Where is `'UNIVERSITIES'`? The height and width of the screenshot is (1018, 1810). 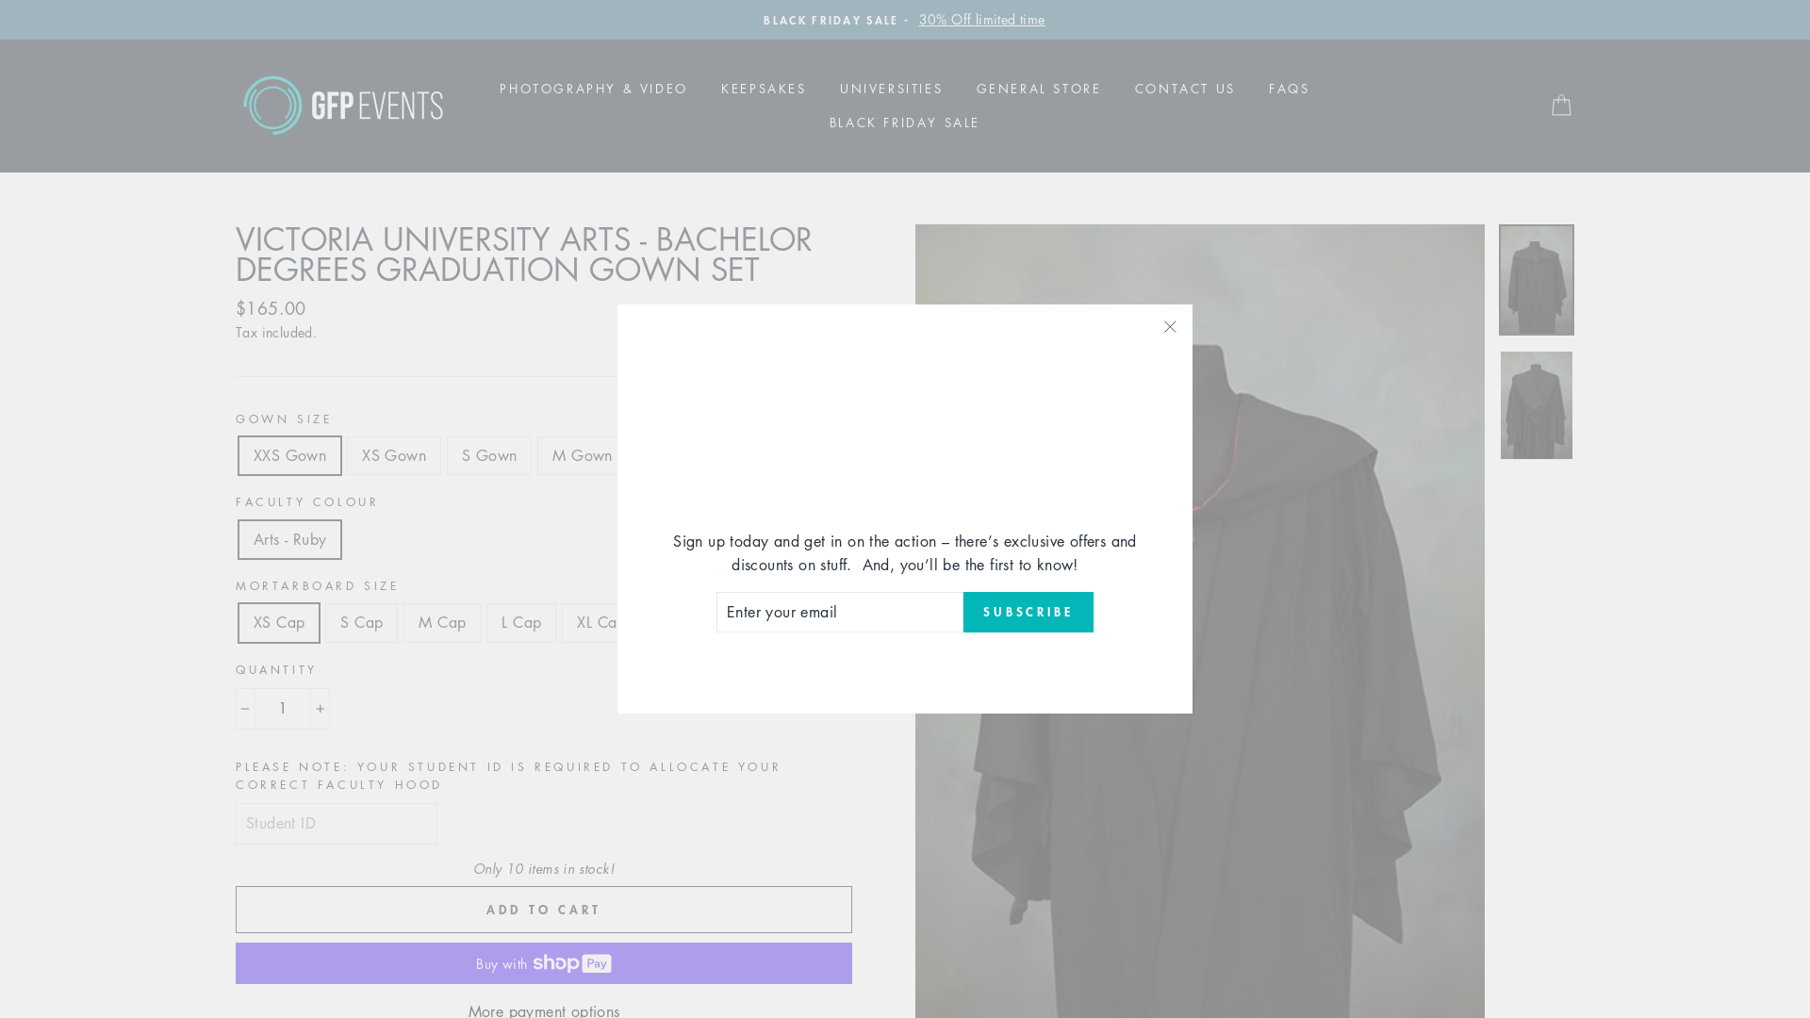
'UNIVERSITIES' is located at coordinates (825, 88).